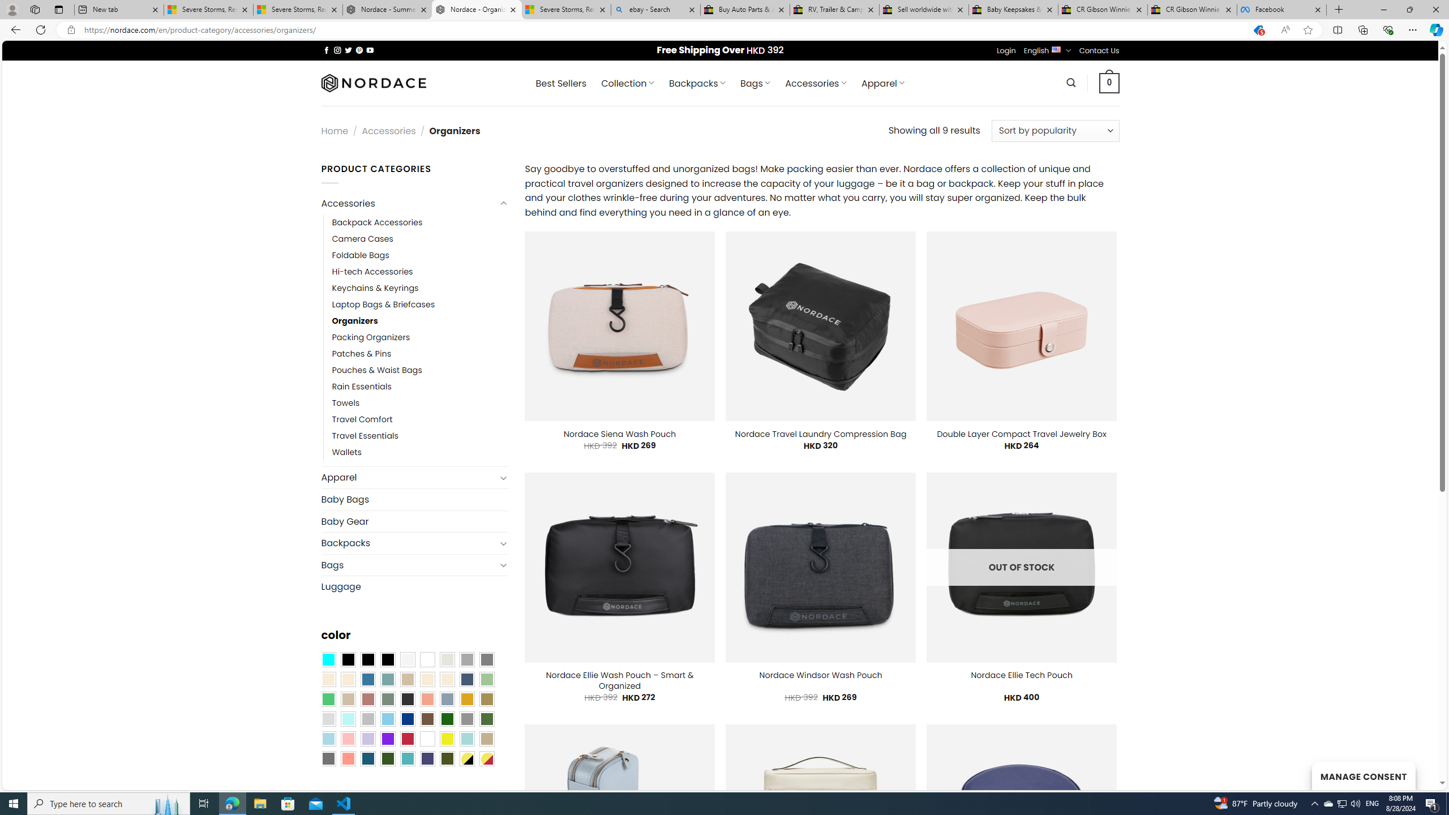 This screenshot has height=815, width=1449. Describe the element at coordinates (419, 255) in the screenshot. I see `'Foldable Bags'` at that location.